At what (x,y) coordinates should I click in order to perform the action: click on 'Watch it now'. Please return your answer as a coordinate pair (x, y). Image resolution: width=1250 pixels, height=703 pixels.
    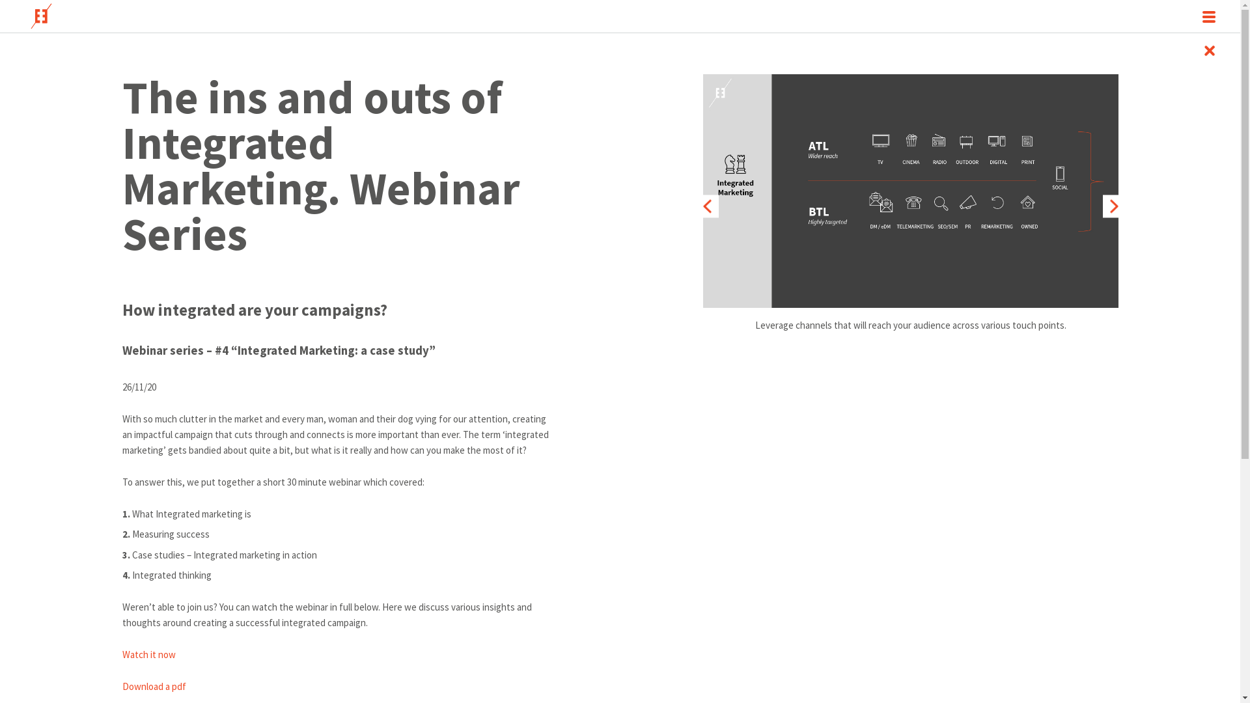
    Looking at the image, I should click on (149, 654).